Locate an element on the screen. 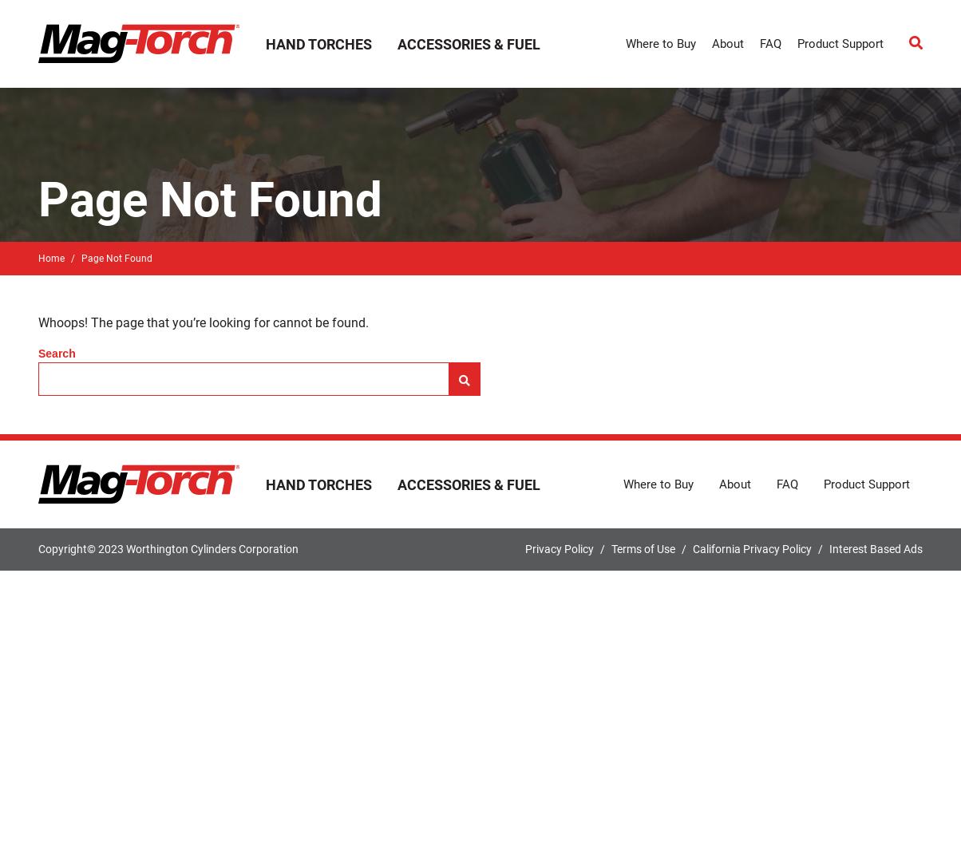 The height and width of the screenshot is (842, 961). 'Terms of Use' is located at coordinates (643, 547).